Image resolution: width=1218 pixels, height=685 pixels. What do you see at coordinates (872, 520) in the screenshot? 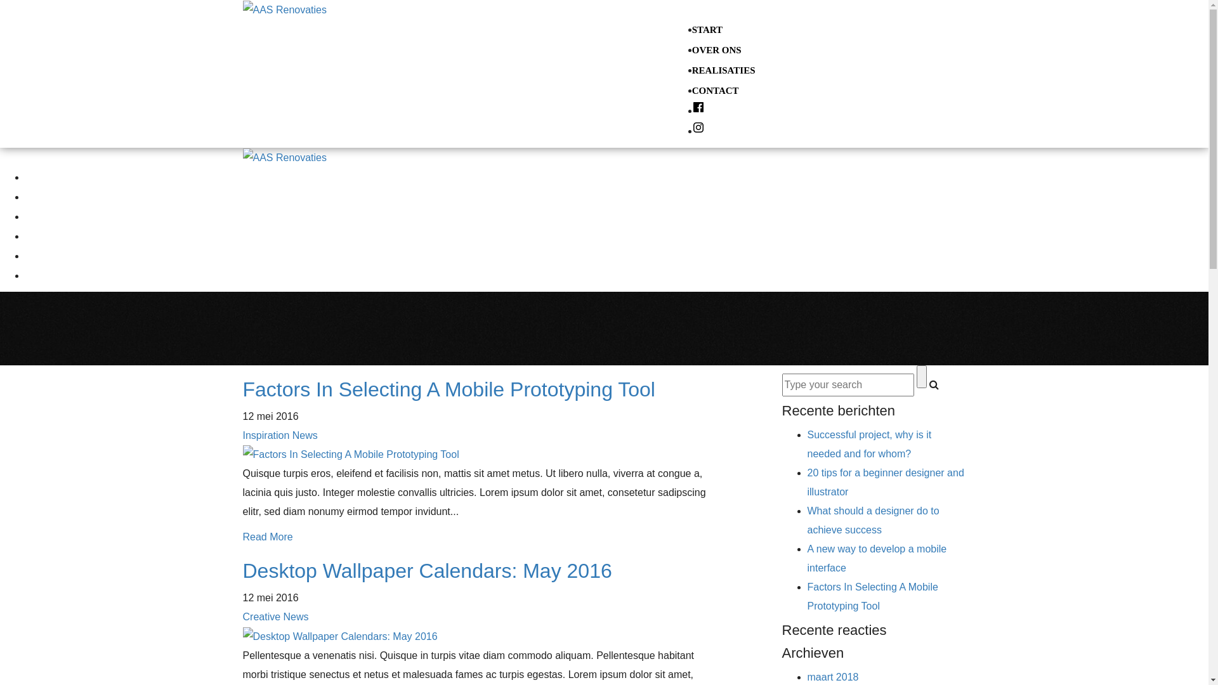
I see `'What should a designer do to achieve success'` at bounding box center [872, 520].